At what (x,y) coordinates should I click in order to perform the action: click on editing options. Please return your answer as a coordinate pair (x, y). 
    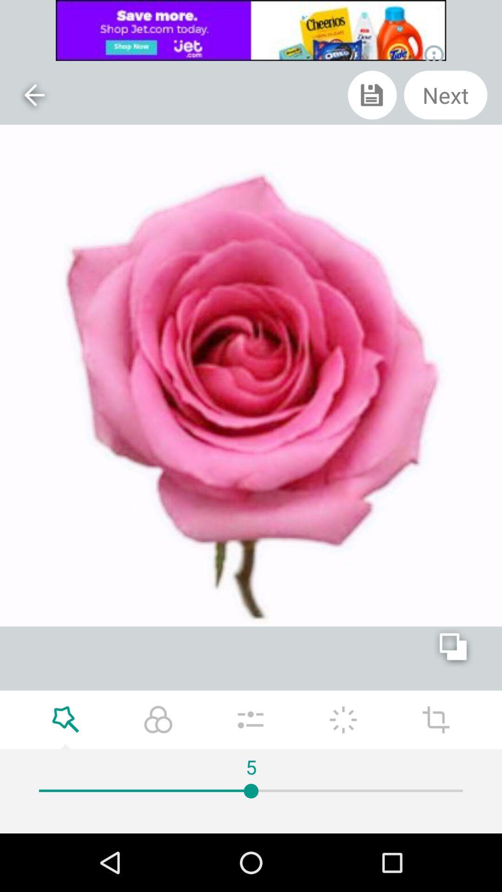
    Looking at the image, I should click on (436, 719).